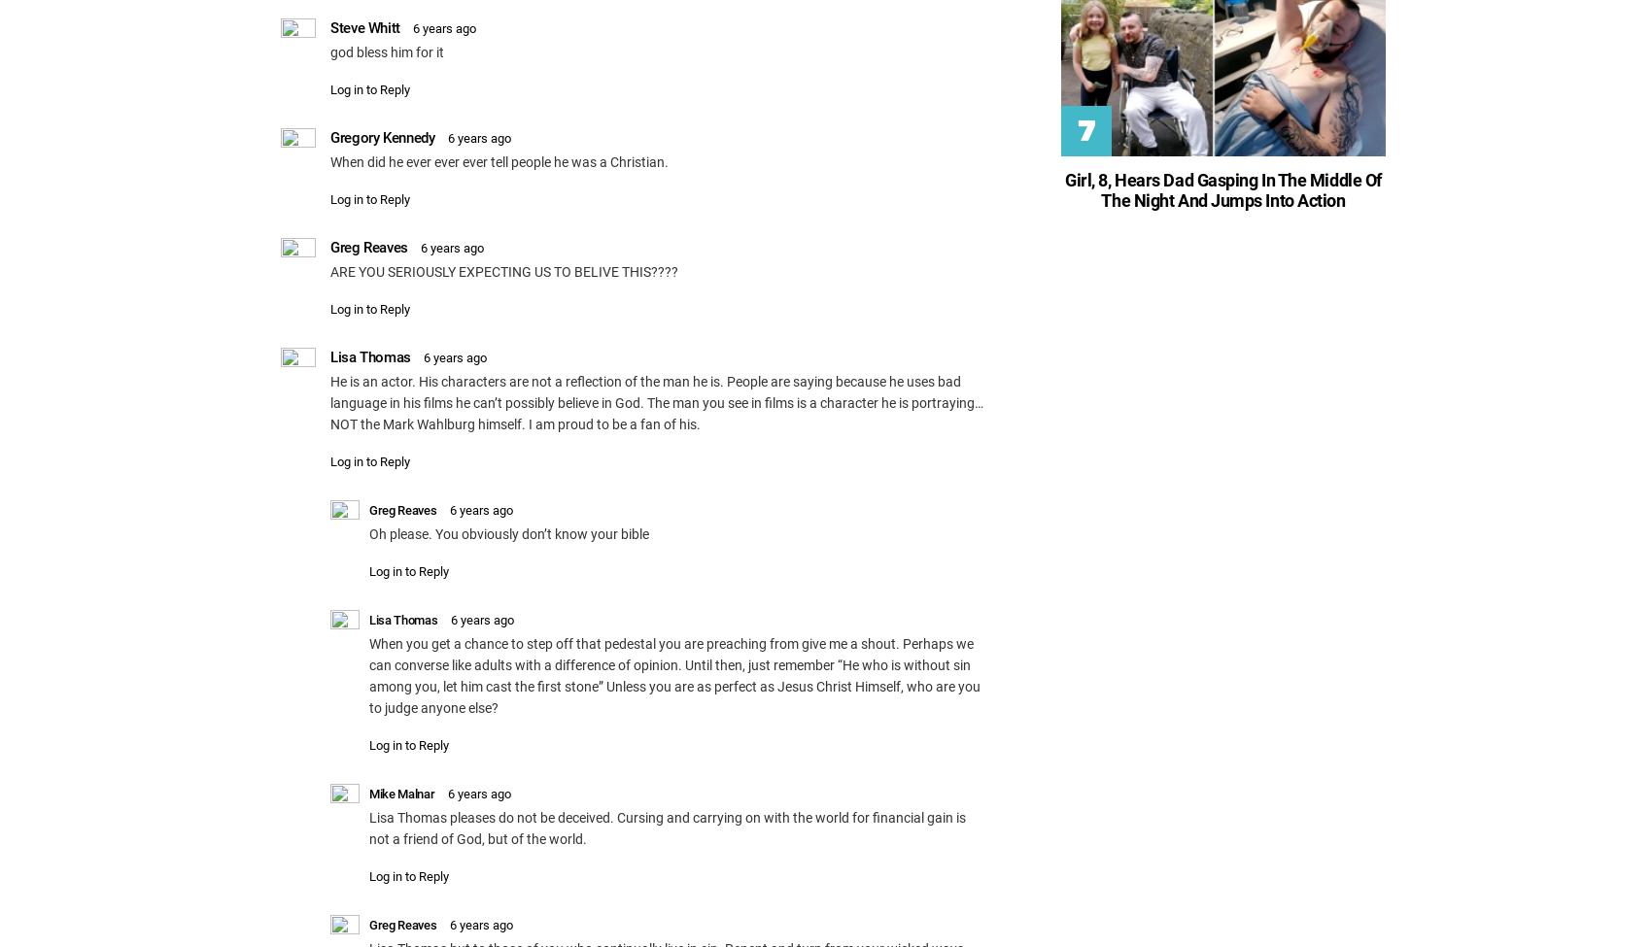 The image size is (1652, 947). What do you see at coordinates (381, 136) in the screenshot?
I see `'Gregory Kennedy'` at bounding box center [381, 136].